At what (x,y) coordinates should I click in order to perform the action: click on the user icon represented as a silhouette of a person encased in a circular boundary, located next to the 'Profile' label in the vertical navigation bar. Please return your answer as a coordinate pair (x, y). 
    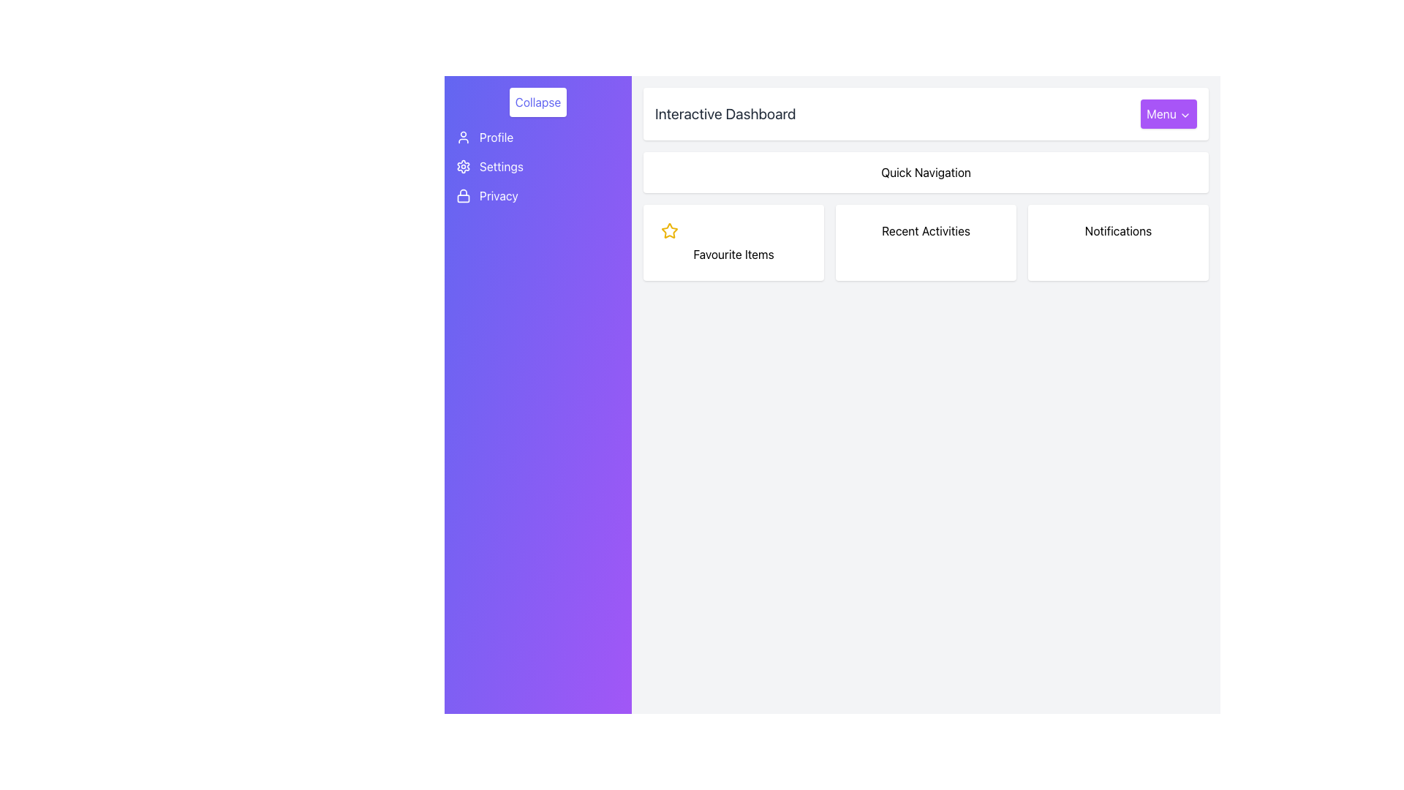
    Looking at the image, I should click on (462, 138).